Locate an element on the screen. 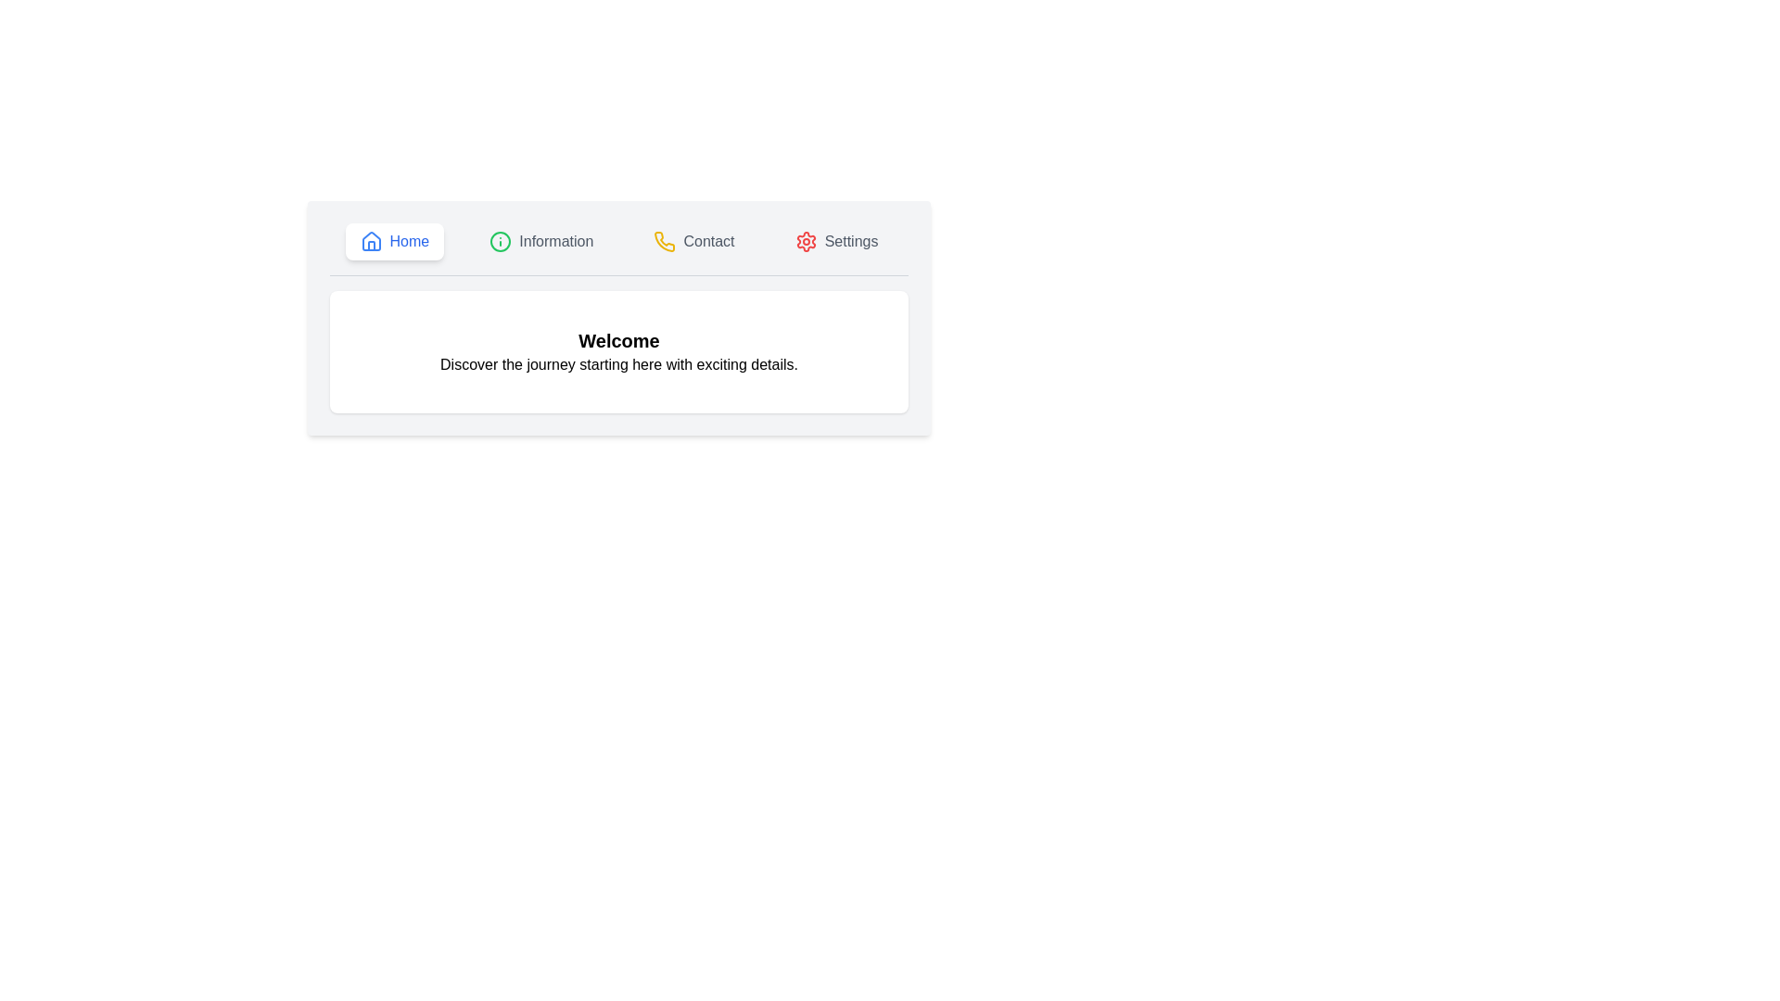  the 'Contact' navigation button, which is the third button is located at coordinates (693, 241).